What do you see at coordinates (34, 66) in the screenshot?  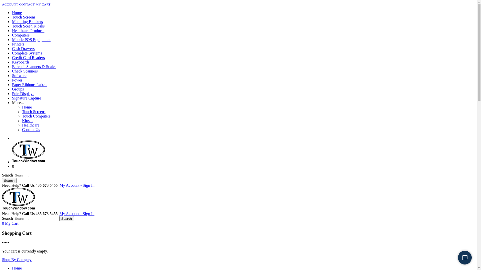 I see `'Barcode Scanners & Scales'` at bounding box center [34, 66].